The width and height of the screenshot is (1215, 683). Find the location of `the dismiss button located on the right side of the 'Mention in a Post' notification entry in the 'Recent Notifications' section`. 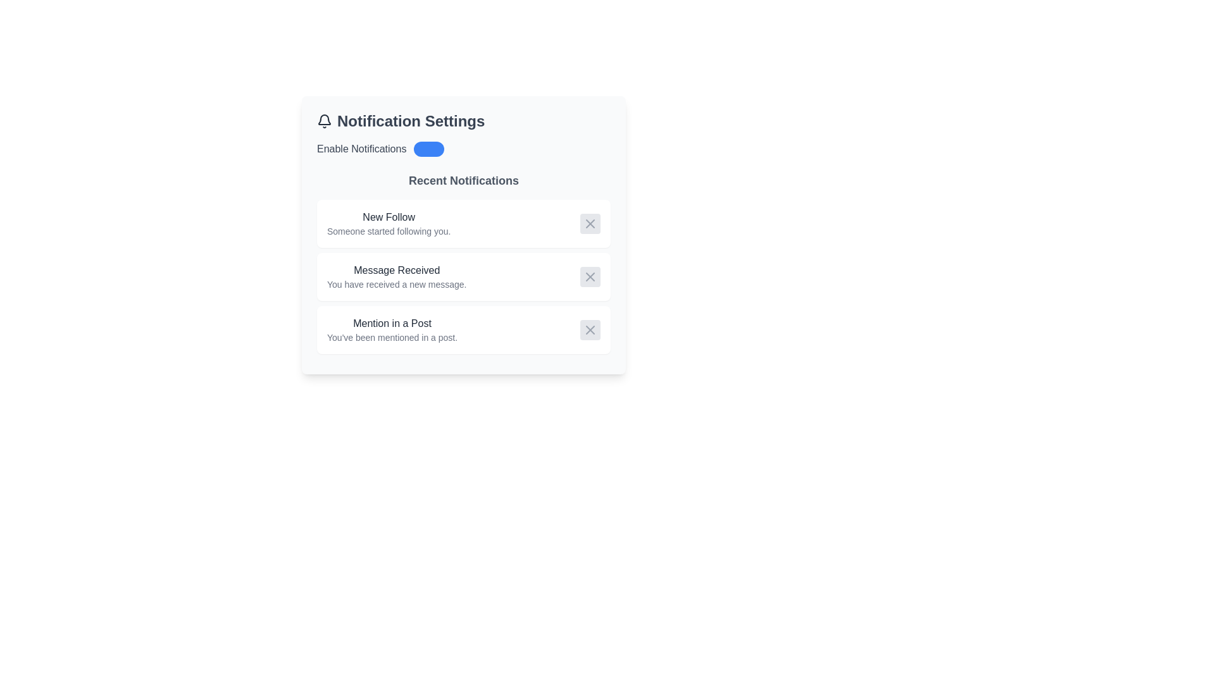

the dismiss button located on the right side of the 'Mention in a Post' notification entry in the 'Recent Notifications' section is located at coordinates (589, 329).